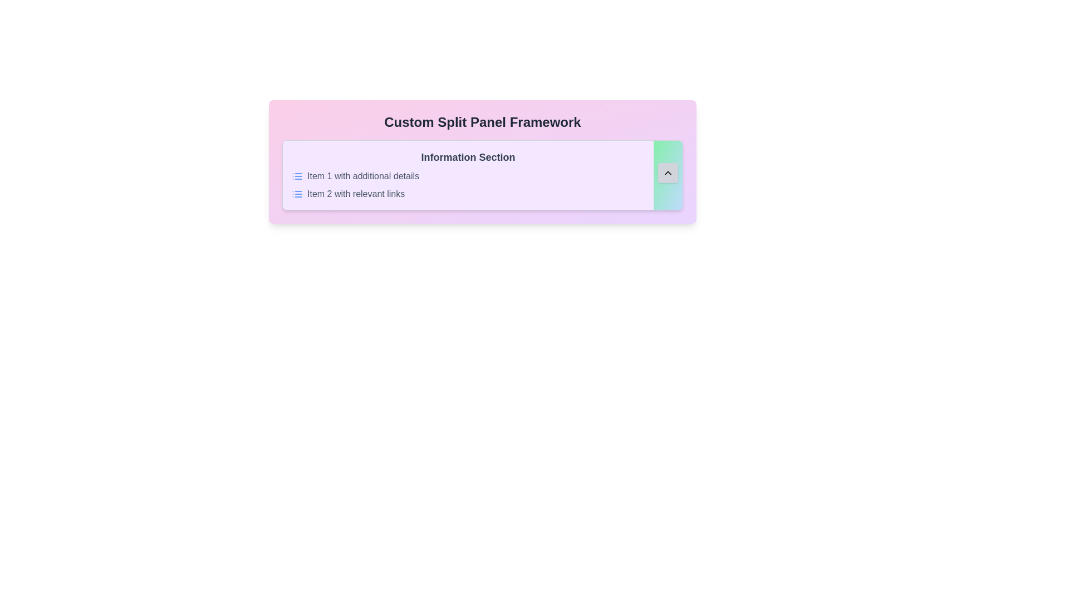  What do you see at coordinates (668, 175) in the screenshot?
I see `the upward scrolling button located at the far right of the 'Information Section' panel with a purple background` at bounding box center [668, 175].